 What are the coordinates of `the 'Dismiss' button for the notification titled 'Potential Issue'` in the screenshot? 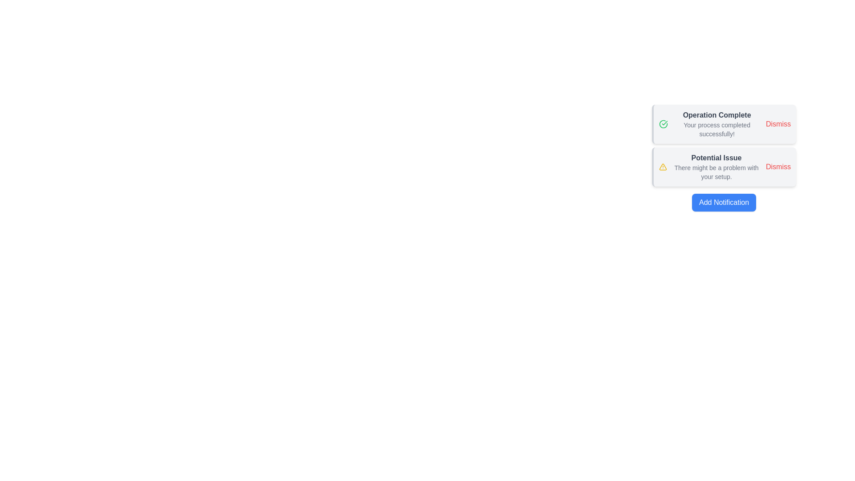 It's located at (778, 167).